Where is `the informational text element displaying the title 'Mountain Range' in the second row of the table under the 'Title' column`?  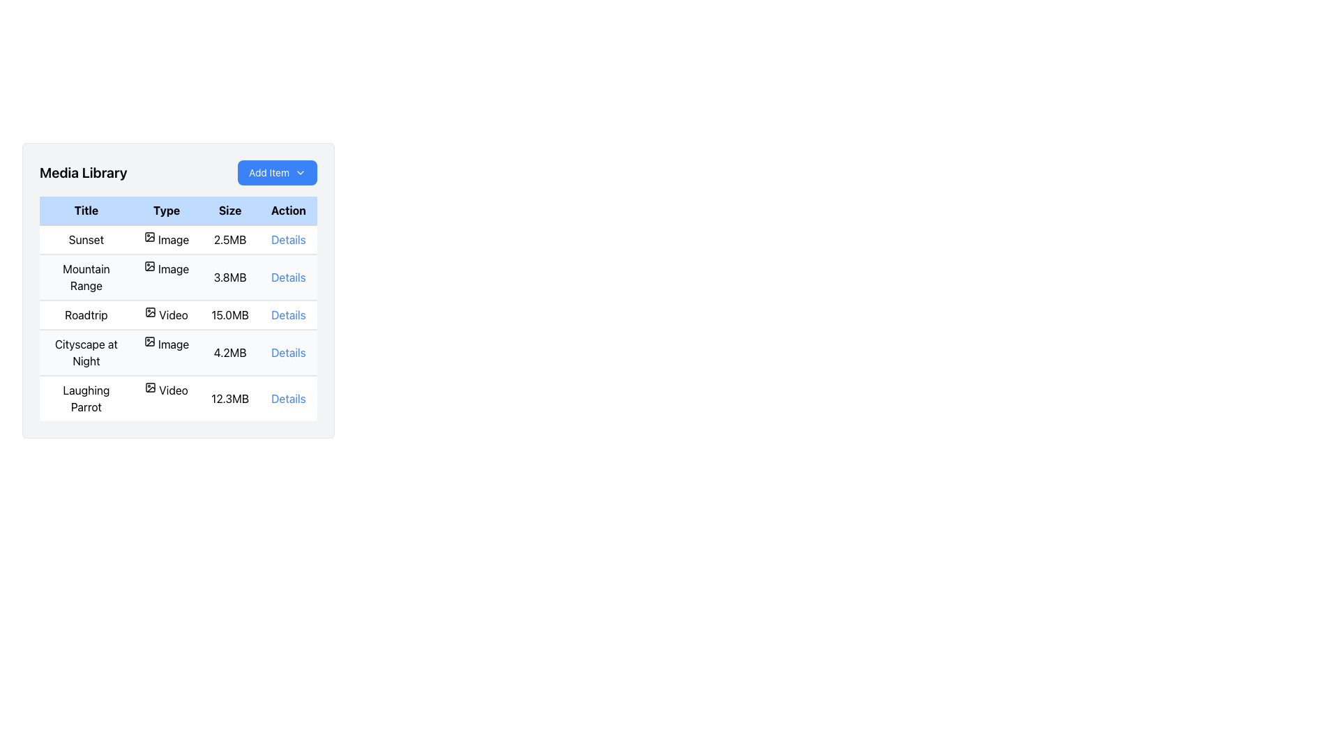 the informational text element displaying the title 'Mountain Range' in the second row of the table under the 'Title' column is located at coordinates (85, 277).